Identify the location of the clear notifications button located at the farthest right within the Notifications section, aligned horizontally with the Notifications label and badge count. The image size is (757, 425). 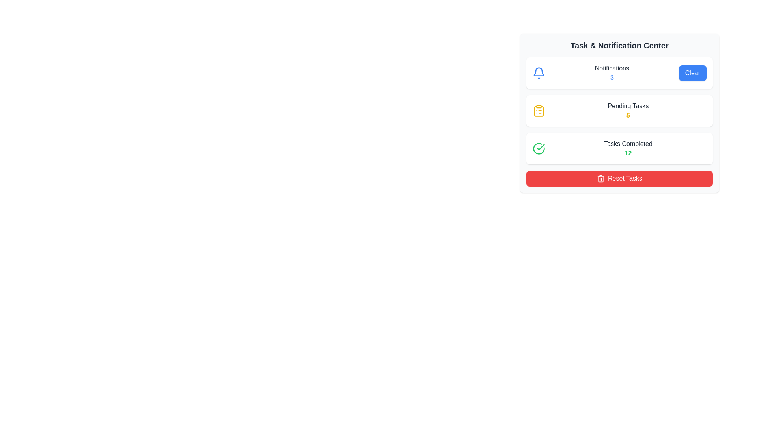
(692, 73).